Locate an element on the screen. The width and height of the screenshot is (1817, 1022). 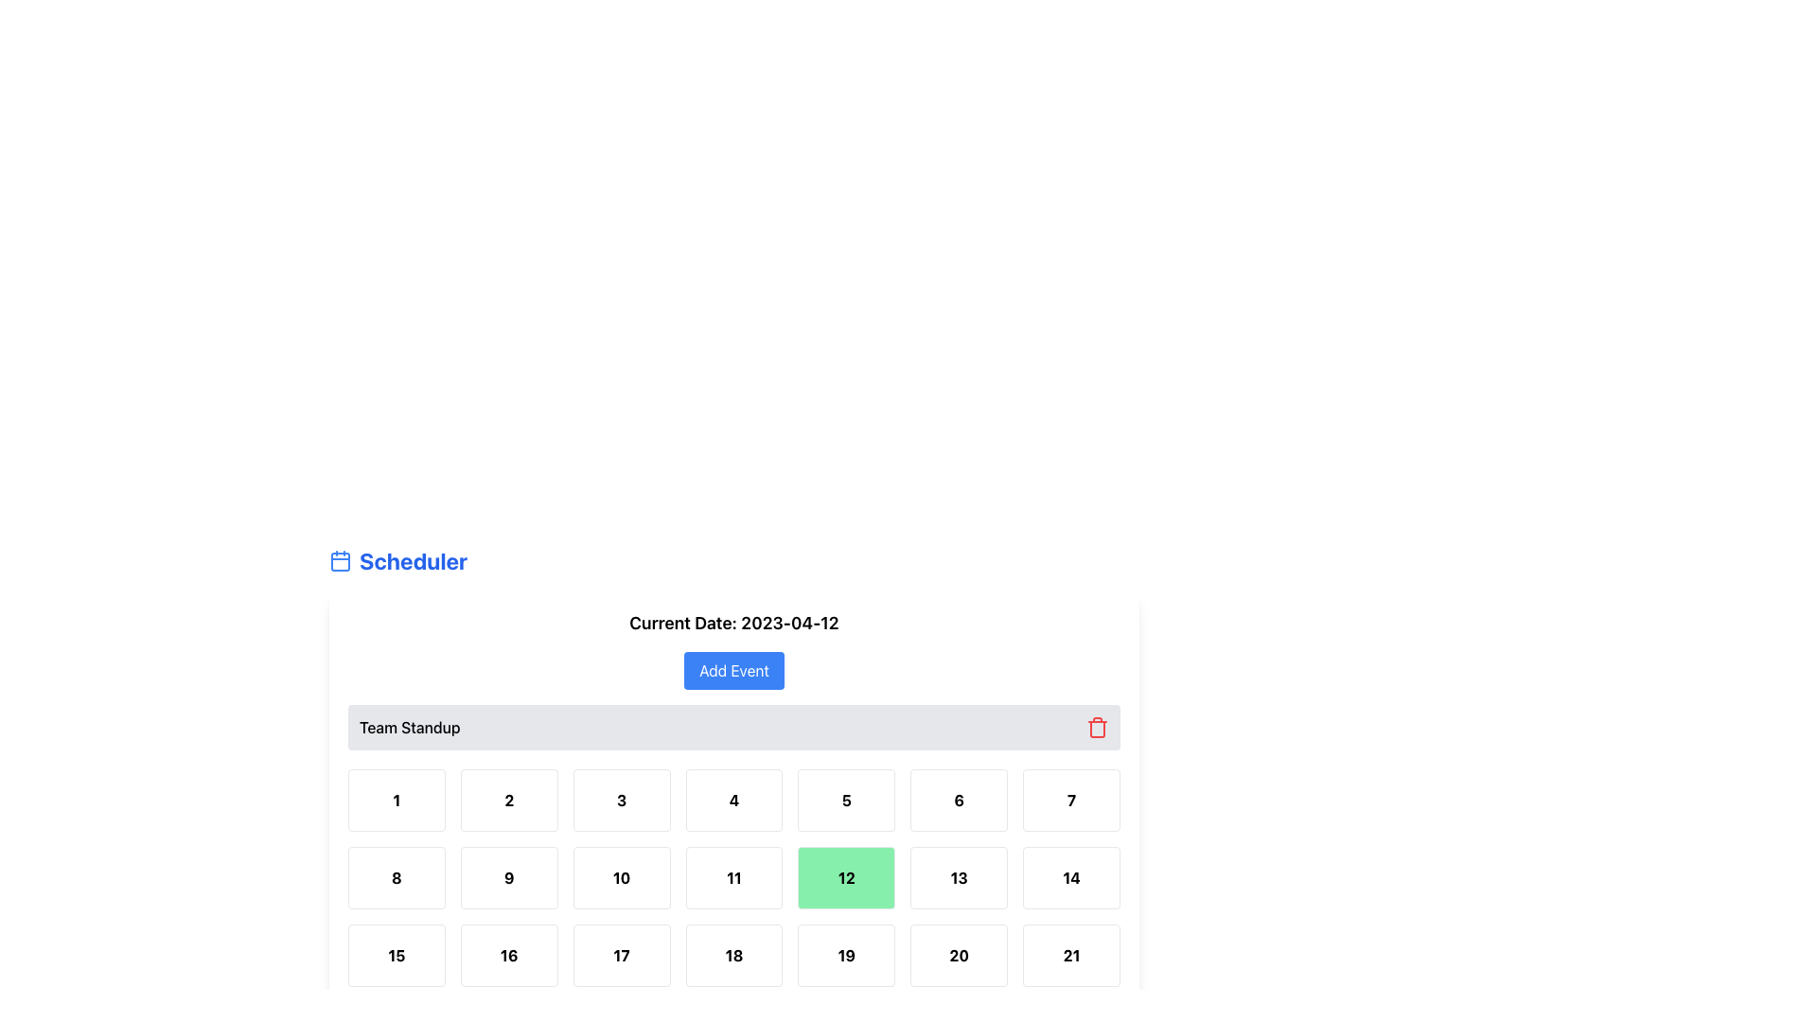
the non-interactive visual display component representing the calendar date cell located in the second row and fourth column of the grid layout, which follows the number '10' and precedes the number '12' is located at coordinates (733, 878).